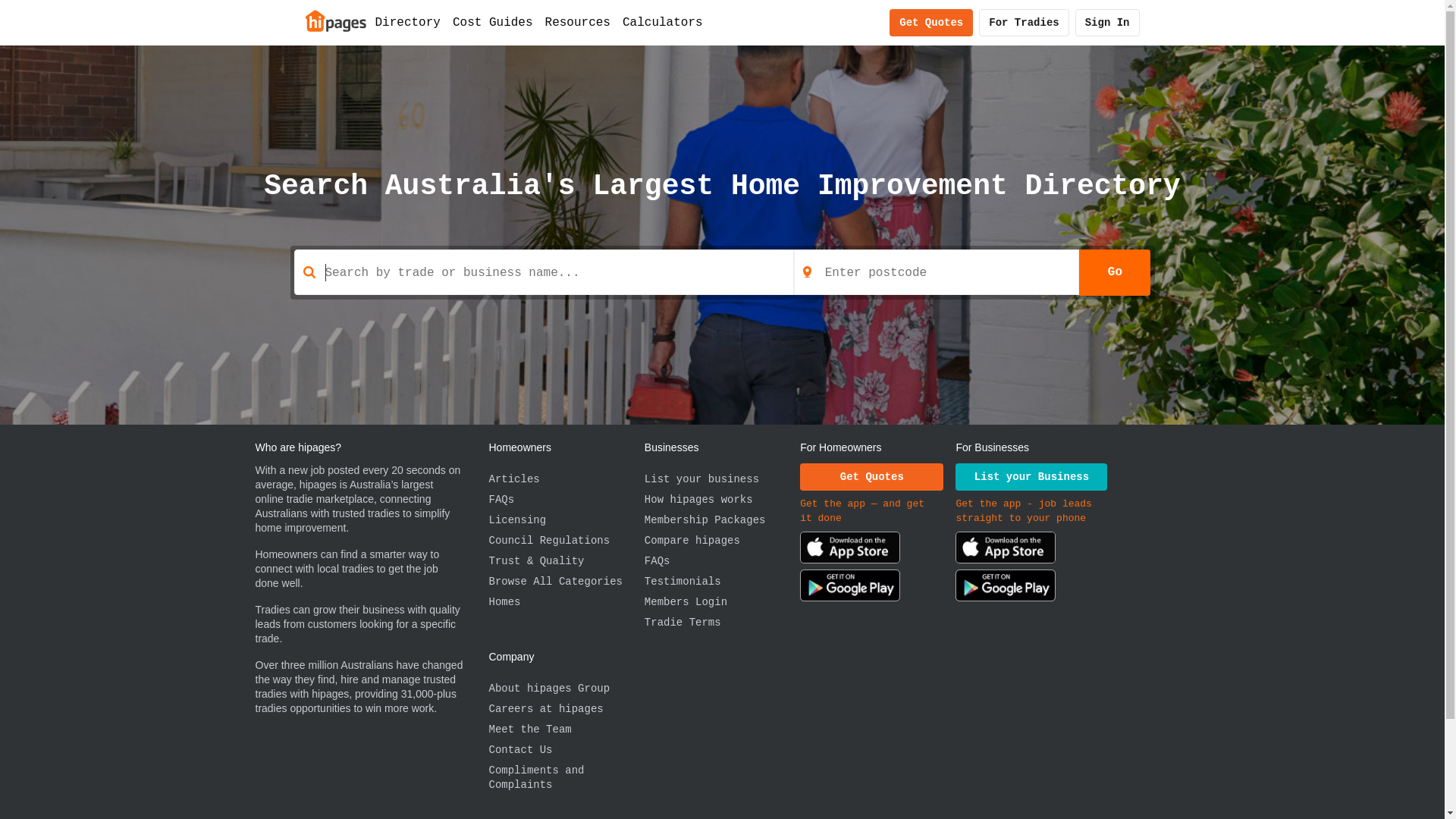  I want to click on 'Articles', so click(565, 479).